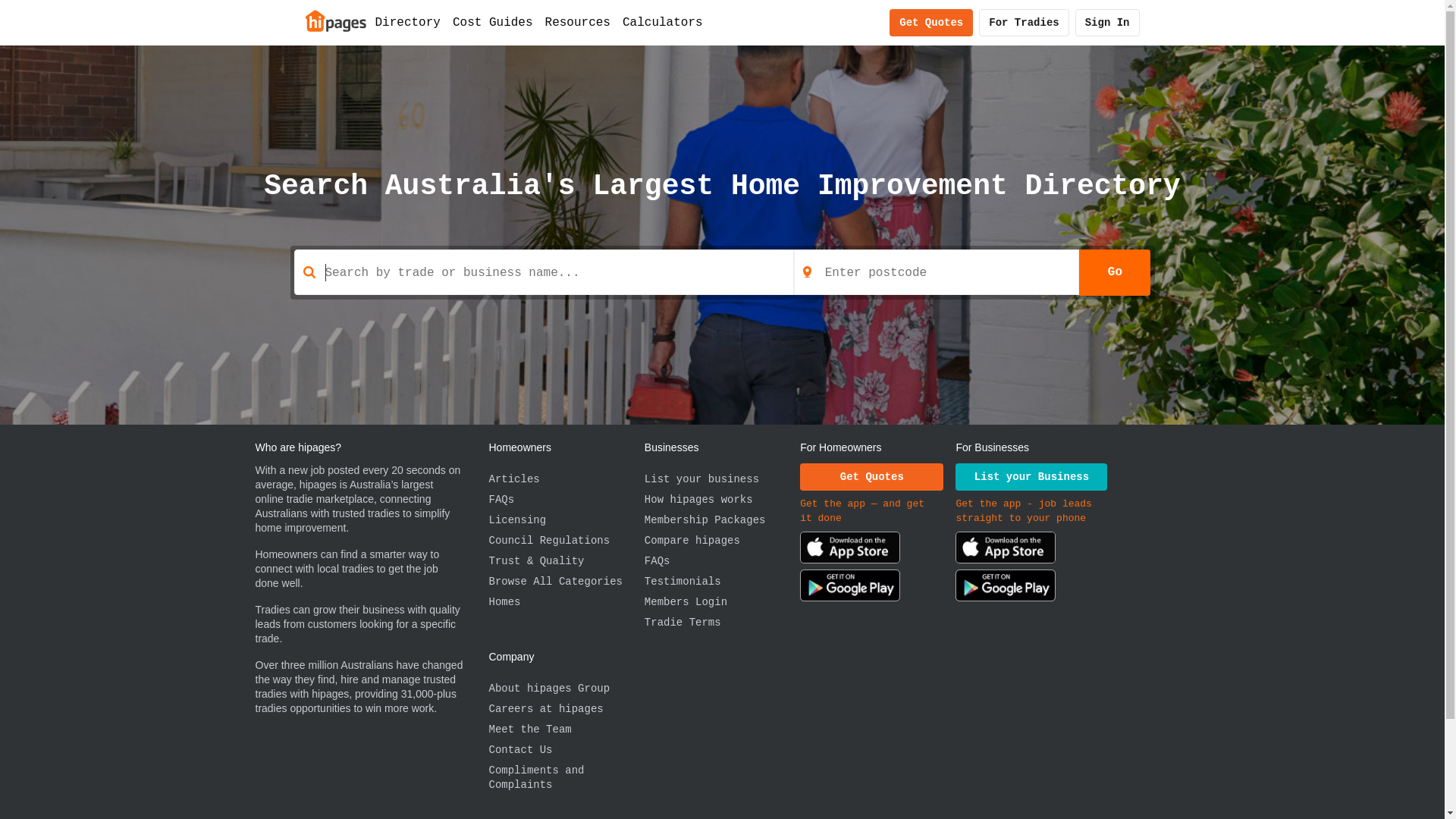  I want to click on 'Articles', so click(565, 479).